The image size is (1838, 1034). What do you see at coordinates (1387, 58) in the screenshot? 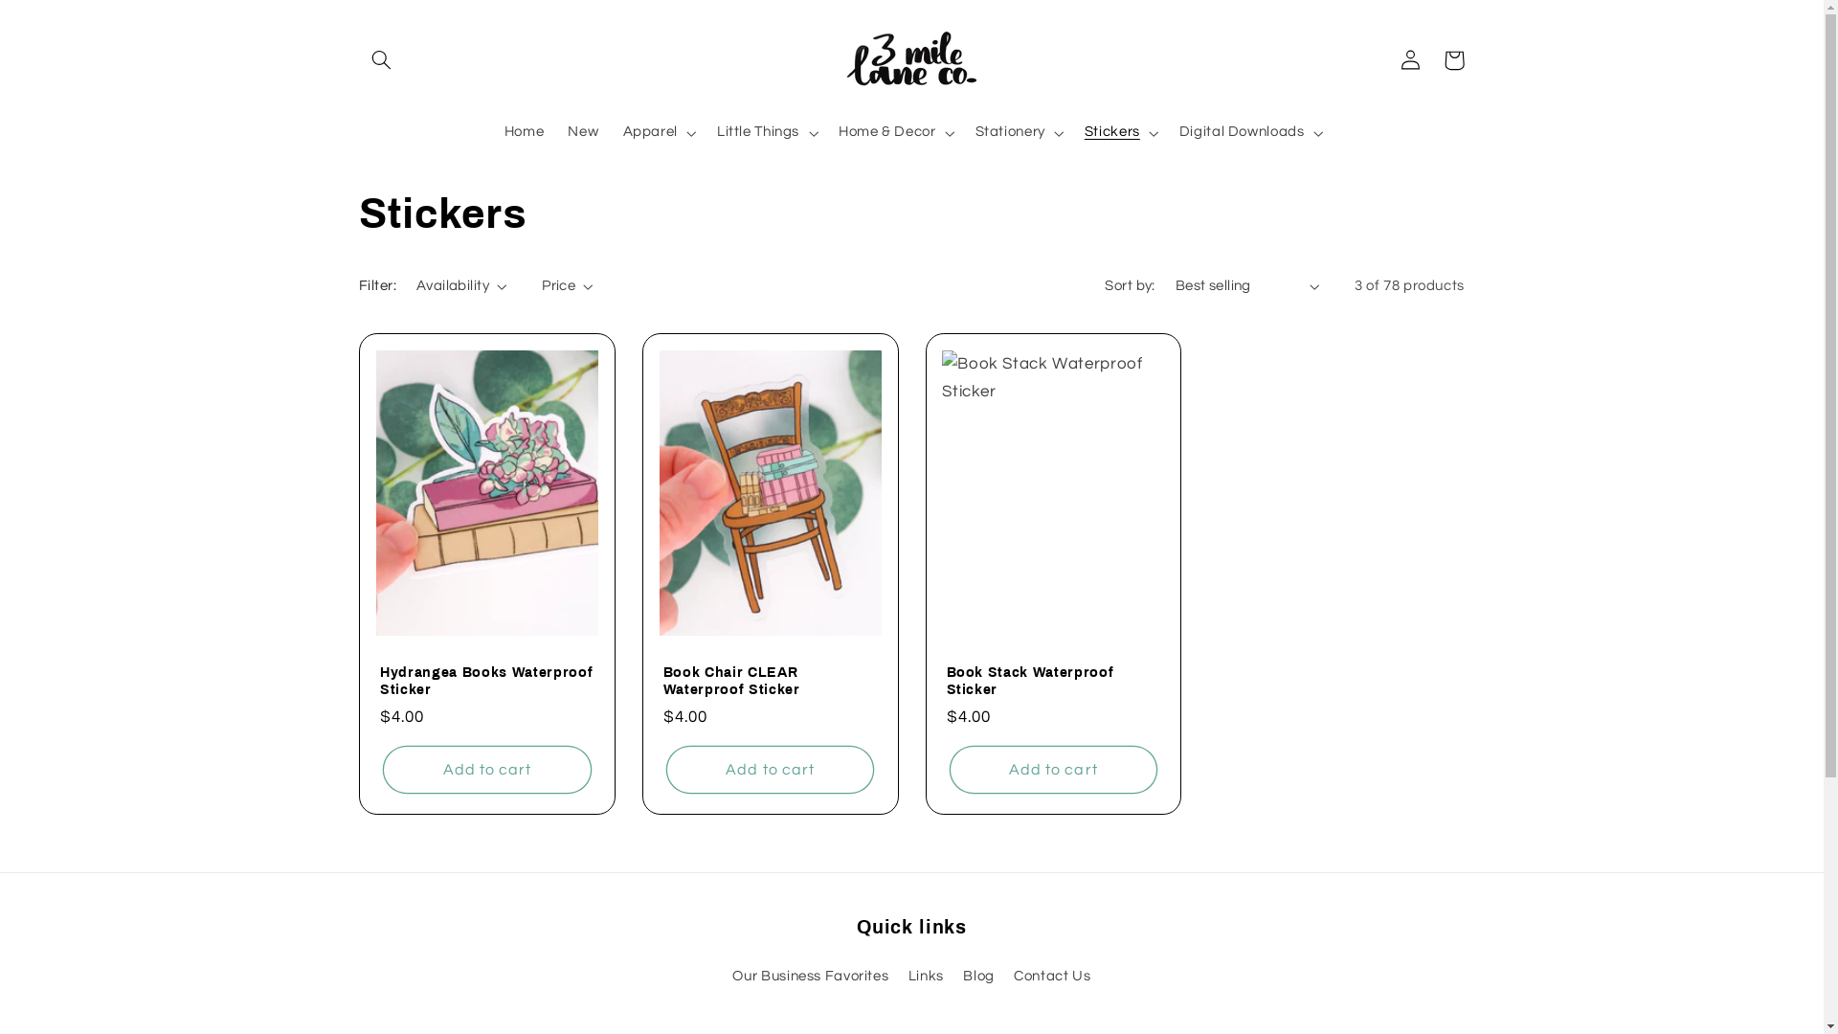
I see `'Log in'` at bounding box center [1387, 58].